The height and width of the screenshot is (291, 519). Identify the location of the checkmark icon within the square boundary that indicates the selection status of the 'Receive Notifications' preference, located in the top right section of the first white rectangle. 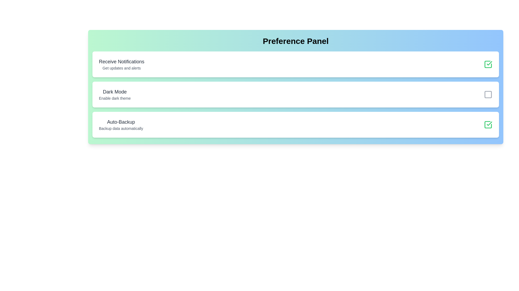
(489, 63).